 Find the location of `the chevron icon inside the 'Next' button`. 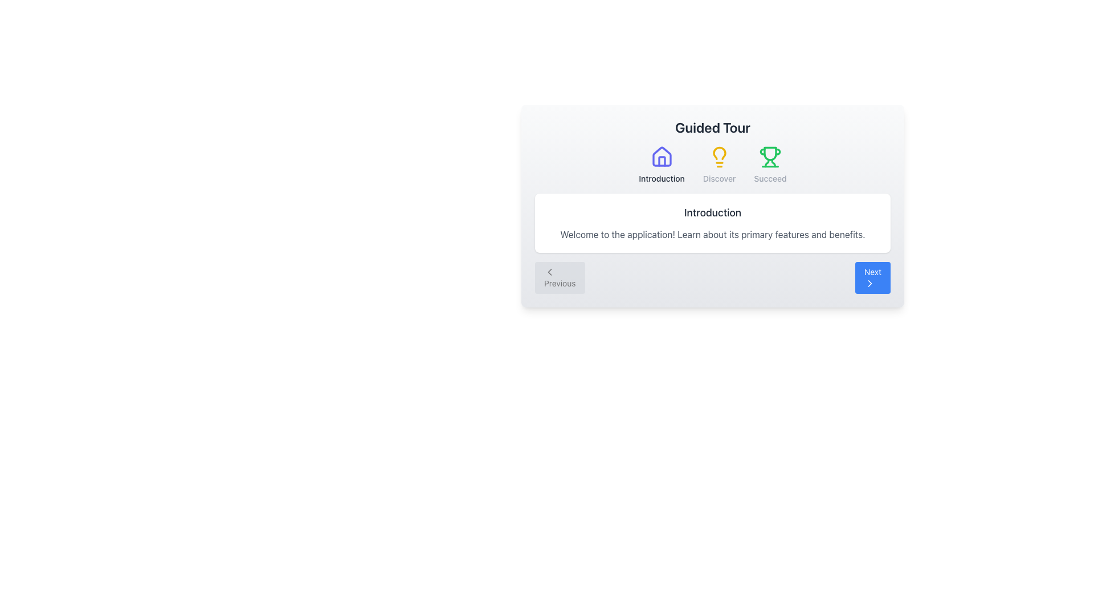

the chevron icon inside the 'Next' button is located at coordinates (869, 282).